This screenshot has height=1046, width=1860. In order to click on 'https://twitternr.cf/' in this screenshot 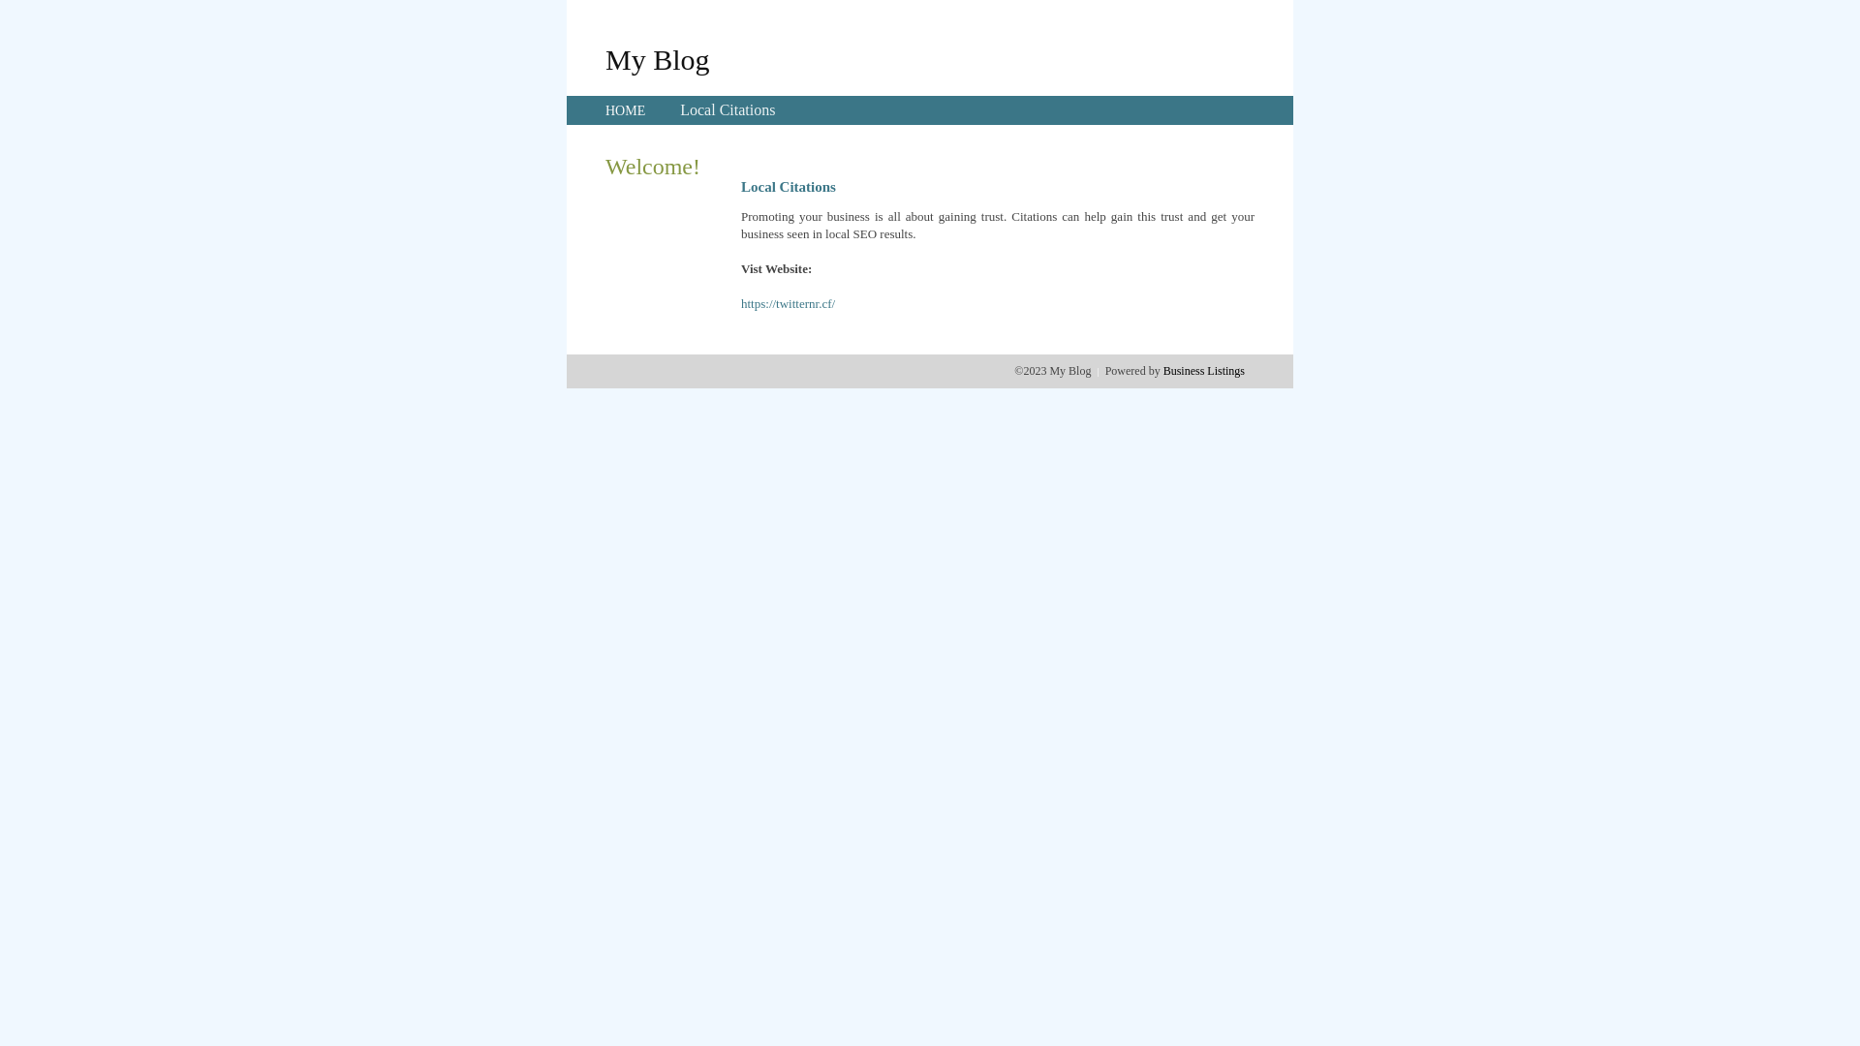, I will do `click(788, 303)`.